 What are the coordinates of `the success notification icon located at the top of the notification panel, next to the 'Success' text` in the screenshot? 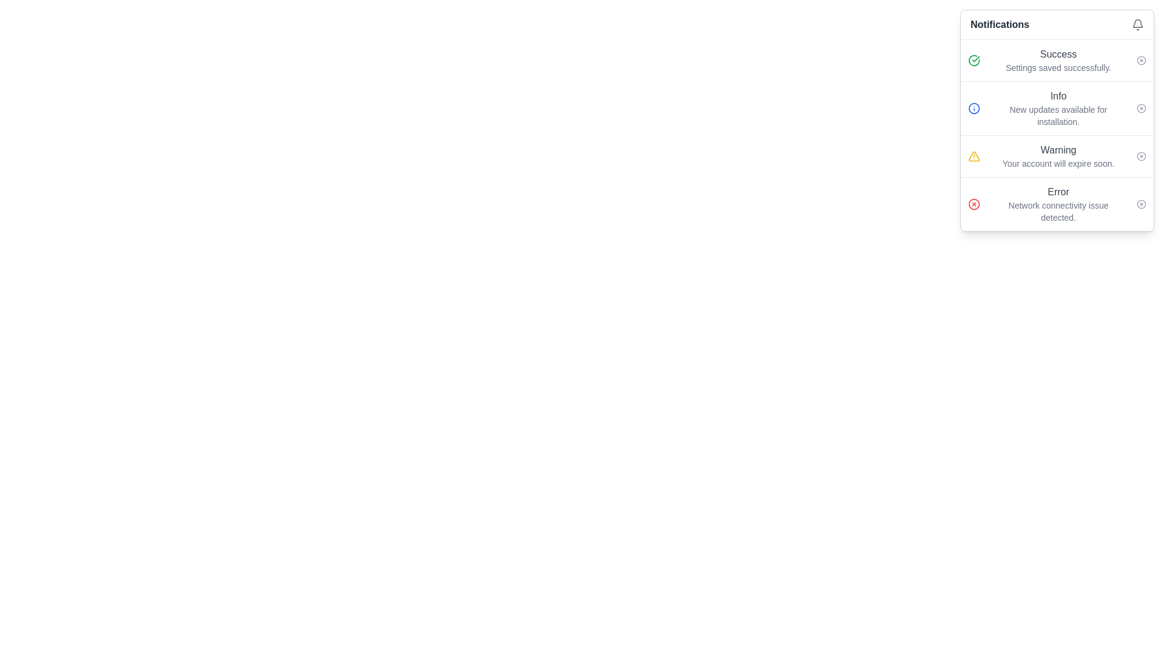 It's located at (974, 61).